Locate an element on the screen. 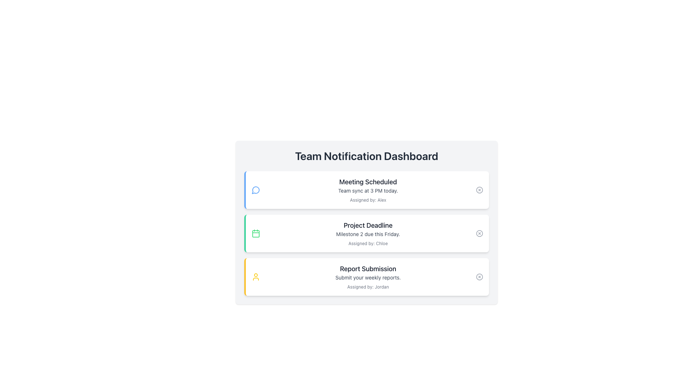  the small-sized light gray text displaying 'Assigned by: Alex', located beneath the primary description in the first notification card of the 'Team Notification Dashboard' is located at coordinates (368, 200).